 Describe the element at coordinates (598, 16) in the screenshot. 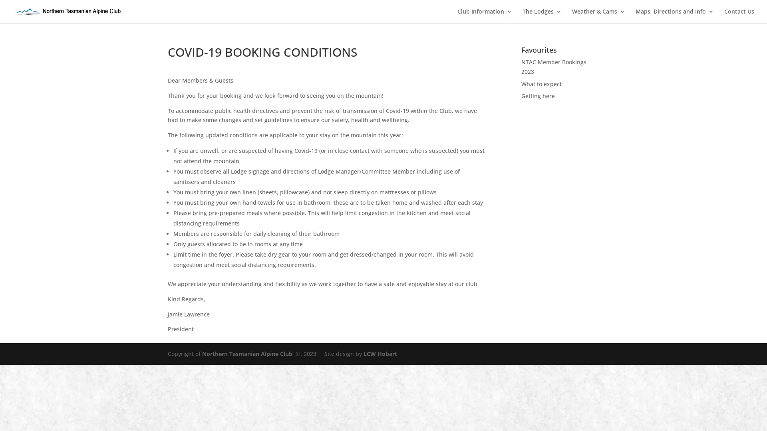

I see `'Weather & Cams'` at that location.